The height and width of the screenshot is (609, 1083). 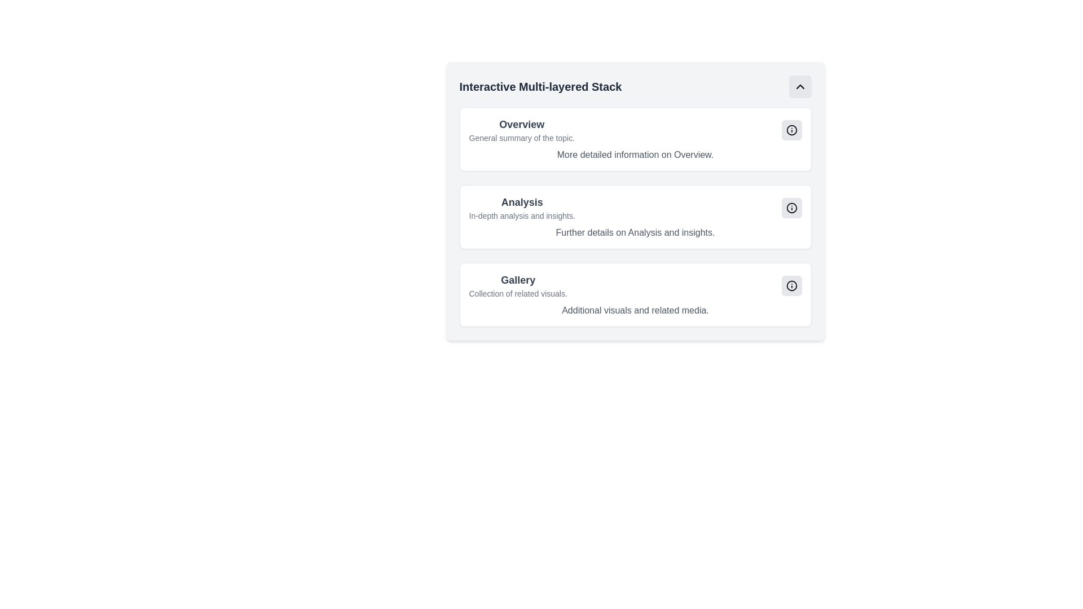 What do you see at coordinates (521, 201) in the screenshot?
I see `the 'Analysis' text label, which is prominently displayed in bold and larger font within the second card of the stacked layout, for potential navigation` at bounding box center [521, 201].